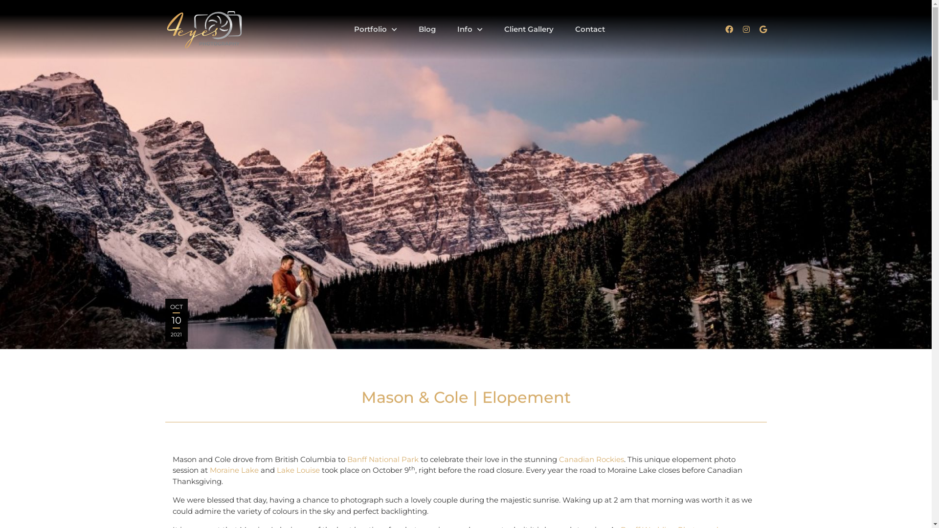 Image resolution: width=939 pixels, height=528 pixels. Describe the element at coordinates (297, 469) in the screenshot. I see `'Lake Louise'` at that location.